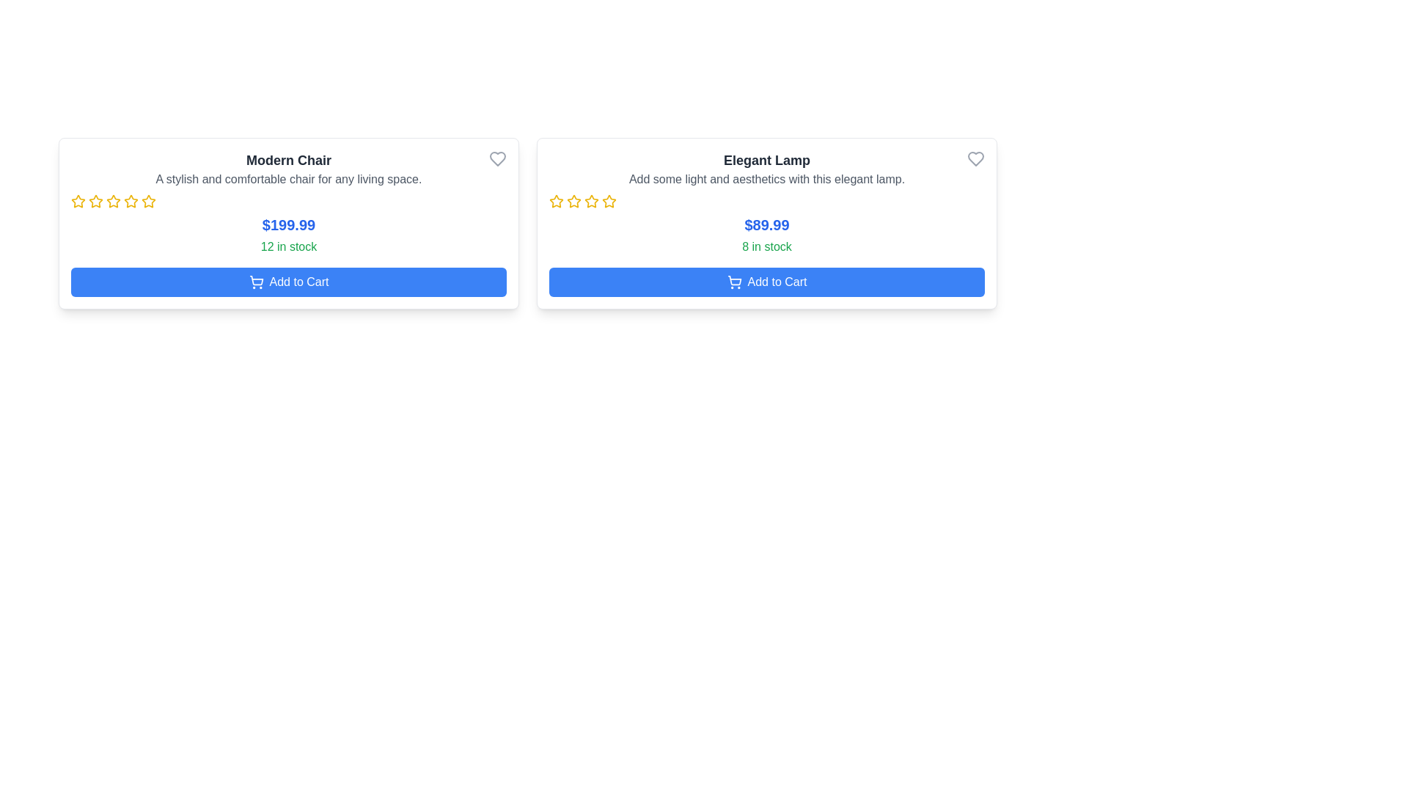  What do you see at coordinates (256, 282) in the screenshot?
I see `the shopping cart icon located inside the 'Add to Cart' button at the bottom of the 'Modern Chair' product display card` at bounding box center [256, 282].